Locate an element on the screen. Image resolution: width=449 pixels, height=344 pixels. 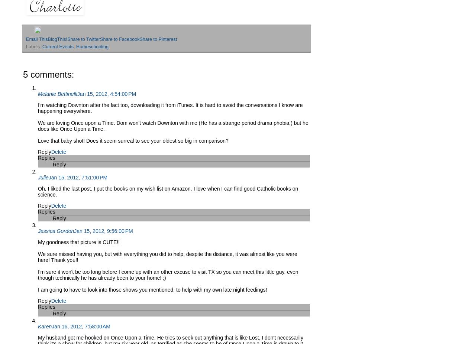
'Jan 15, 2012, 7:51:00 PM' is located at coordinates (78, 176).